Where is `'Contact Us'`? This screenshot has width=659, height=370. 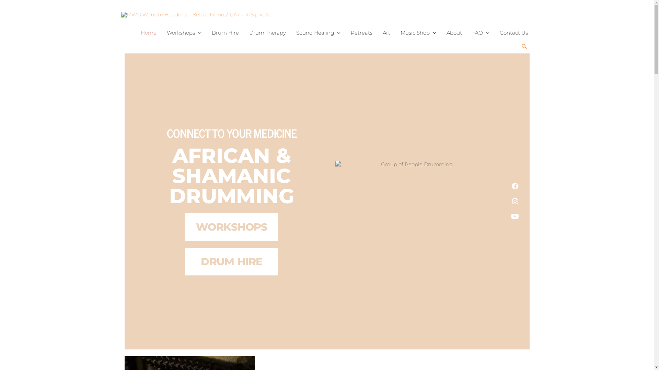
'Contact Us' is located at coordinates (513, 33).